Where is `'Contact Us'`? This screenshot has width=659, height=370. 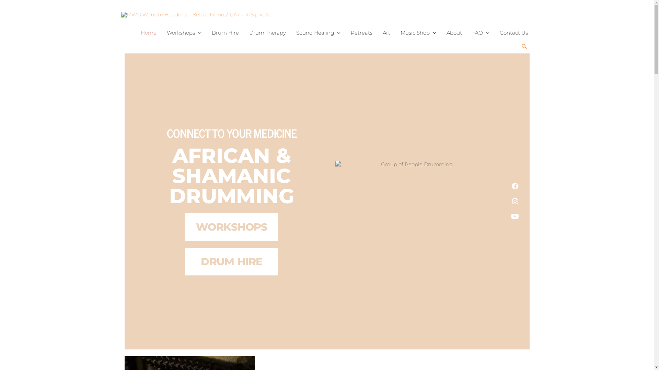
'Contact Us' is located at coordinates (513, 33).